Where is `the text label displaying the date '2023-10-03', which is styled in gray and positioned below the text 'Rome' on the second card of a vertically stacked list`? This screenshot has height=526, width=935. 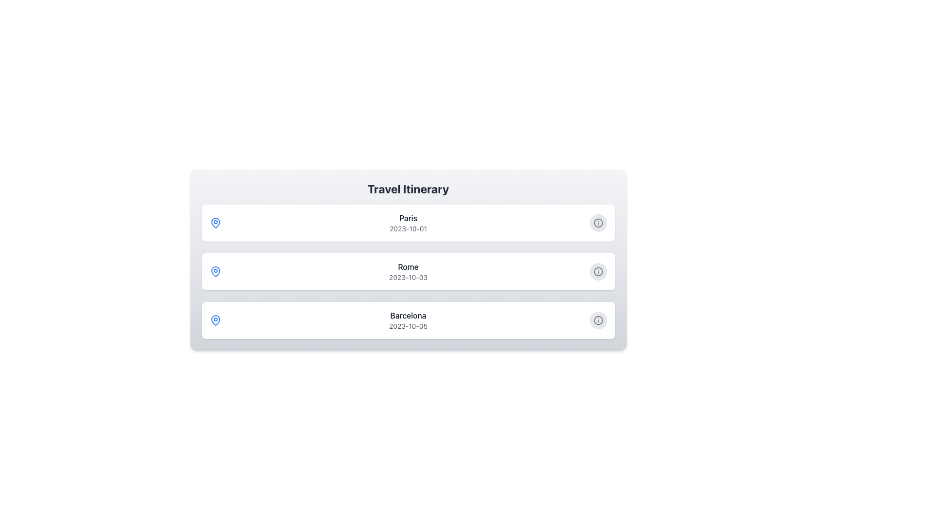 the text label displaying the date '2023-10-03', which is styled in gray and positioned below the text 'Rome' on the second card of a vertically stacked list is located at coordinates (408, 278).